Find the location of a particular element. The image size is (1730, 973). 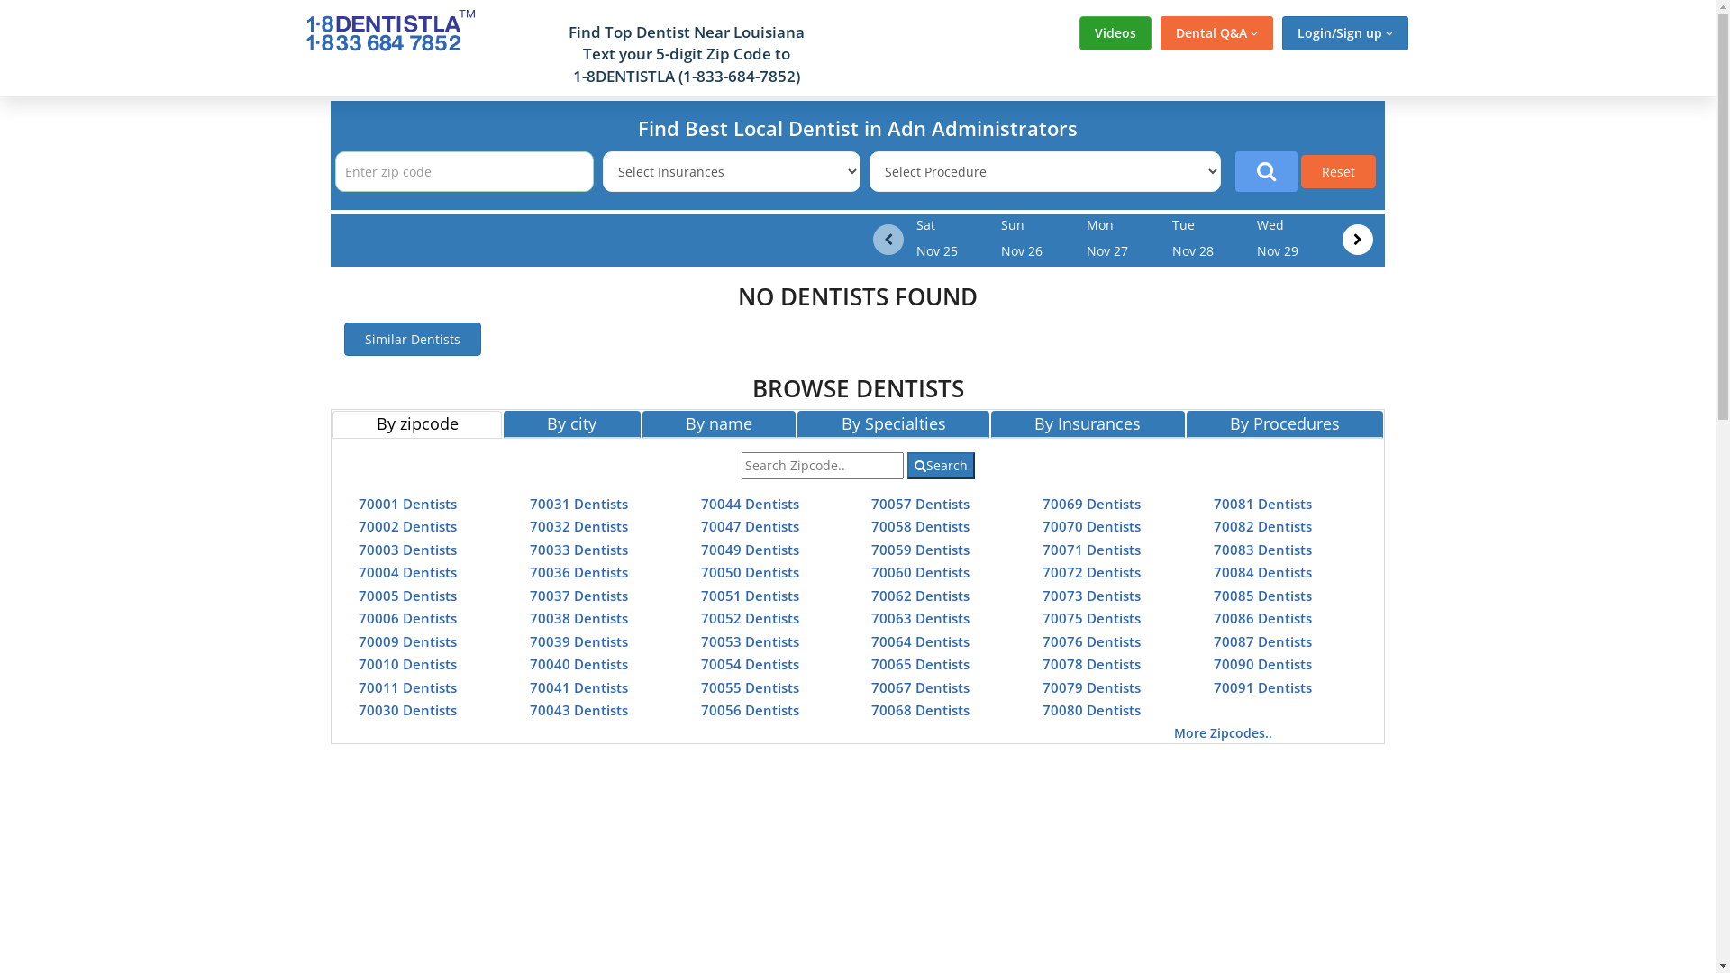

'70040 Dentists' is located at coordinates (529, 663).